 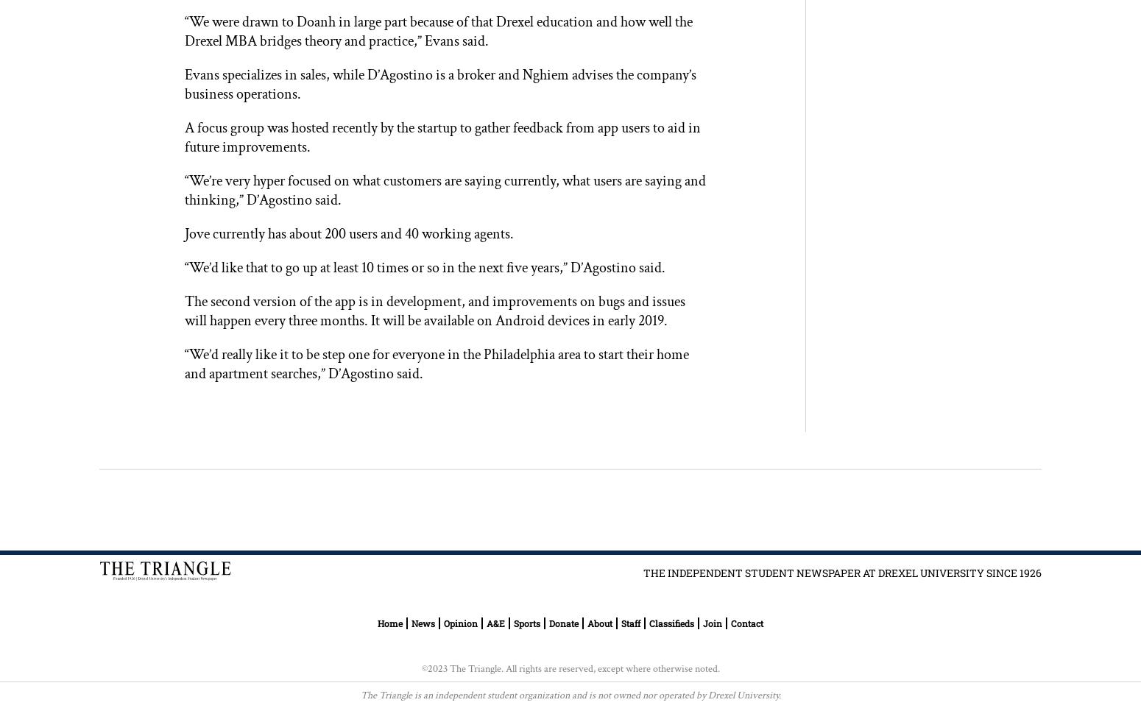 I want to click on '©2023 The Triangle. All rights are reserved, except where otherwise noted.', so click(x=420, y=668).